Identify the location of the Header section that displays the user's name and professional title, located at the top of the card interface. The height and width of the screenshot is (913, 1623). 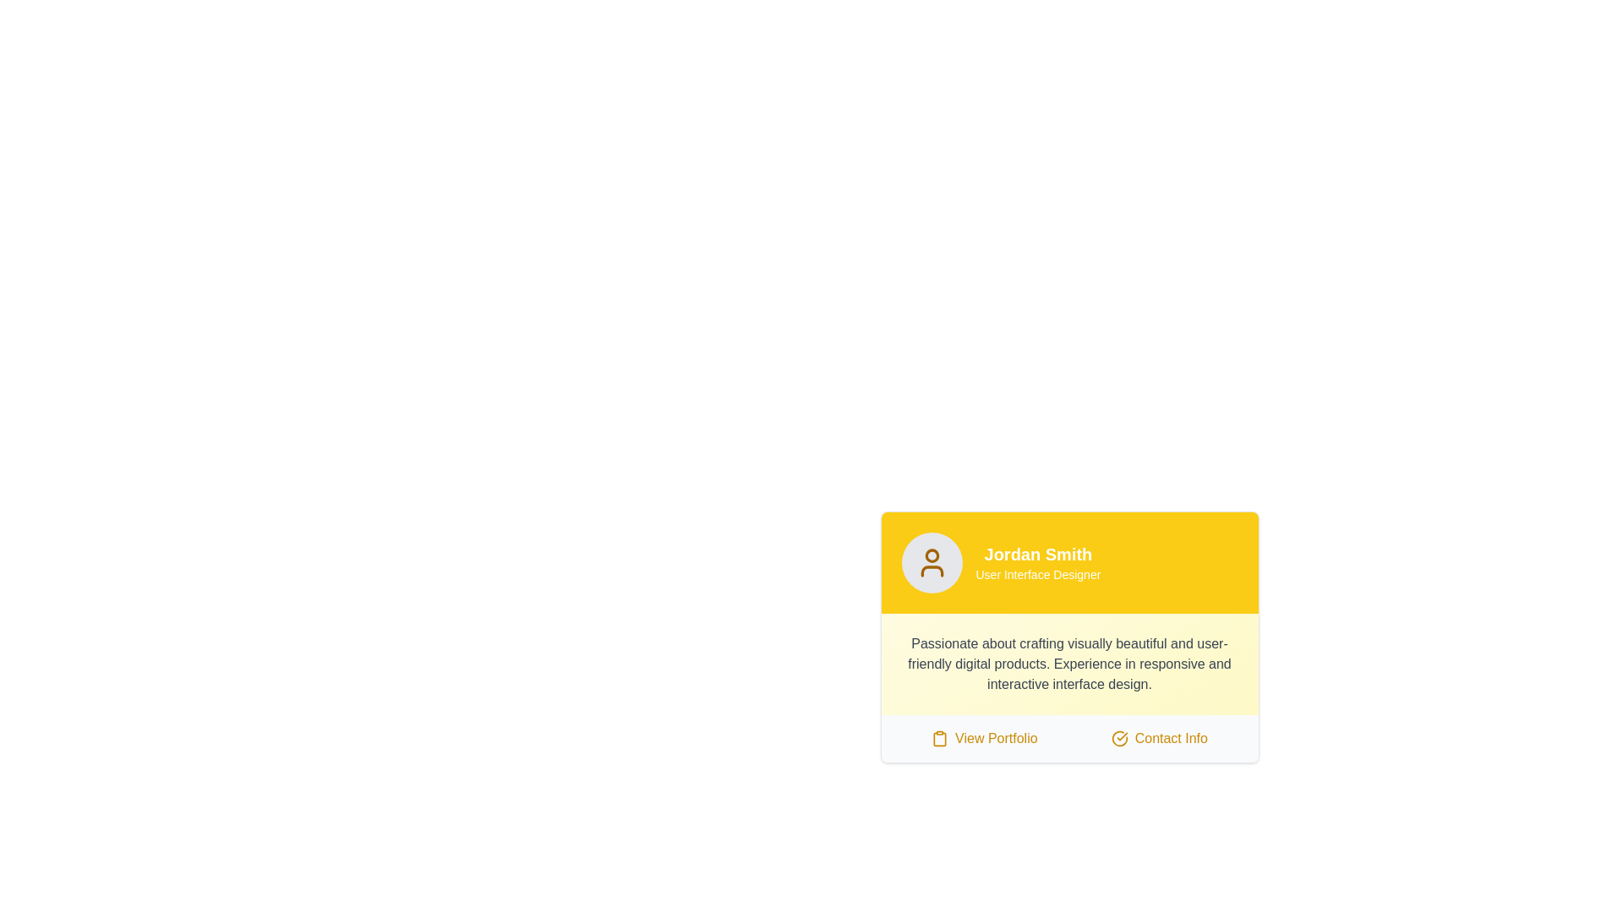
(1068, 563).